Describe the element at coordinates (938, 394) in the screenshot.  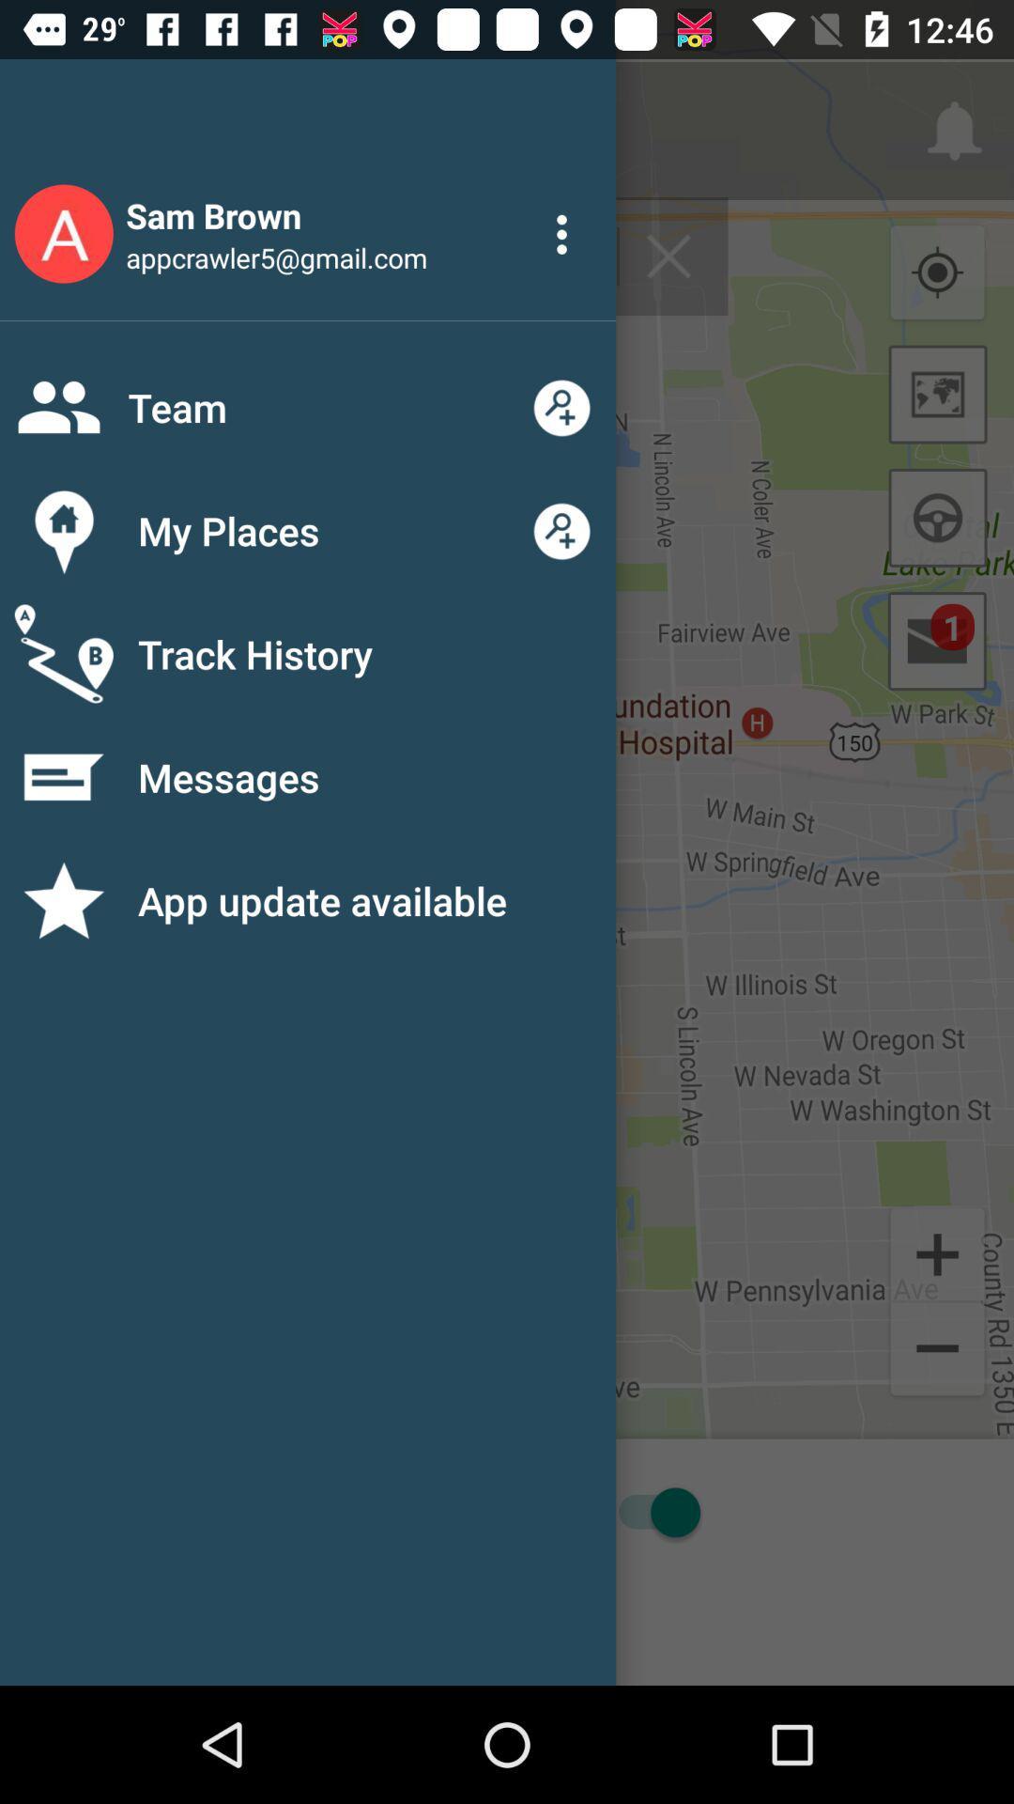
I see `the button below the compass icon on the web page` at that location.